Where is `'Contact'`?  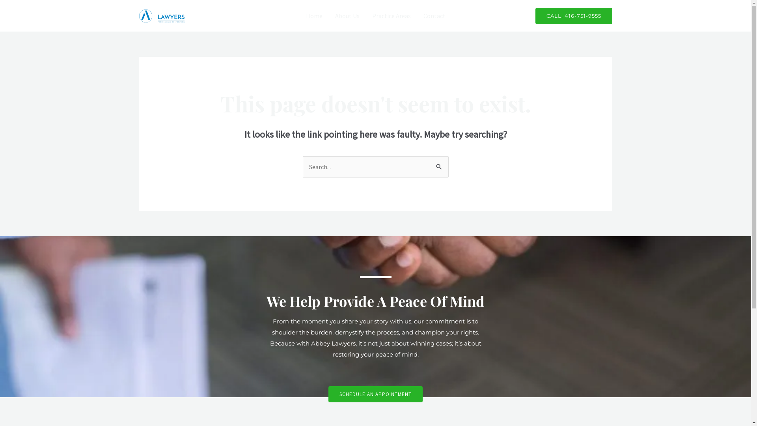 'Contact' is located at coordinates (434, 15).